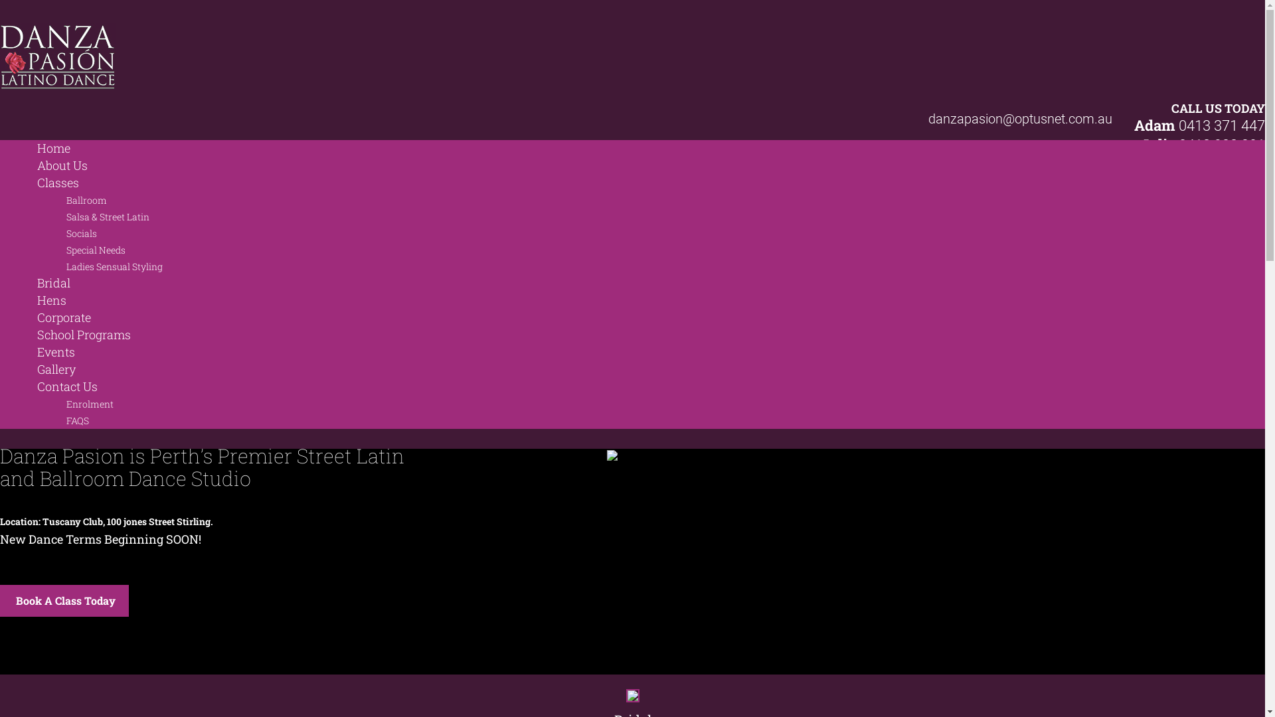  What do you see at coordinates (83, 334) in the screenshot?
I see `'School Programs'` at bounding box center [83, 334].